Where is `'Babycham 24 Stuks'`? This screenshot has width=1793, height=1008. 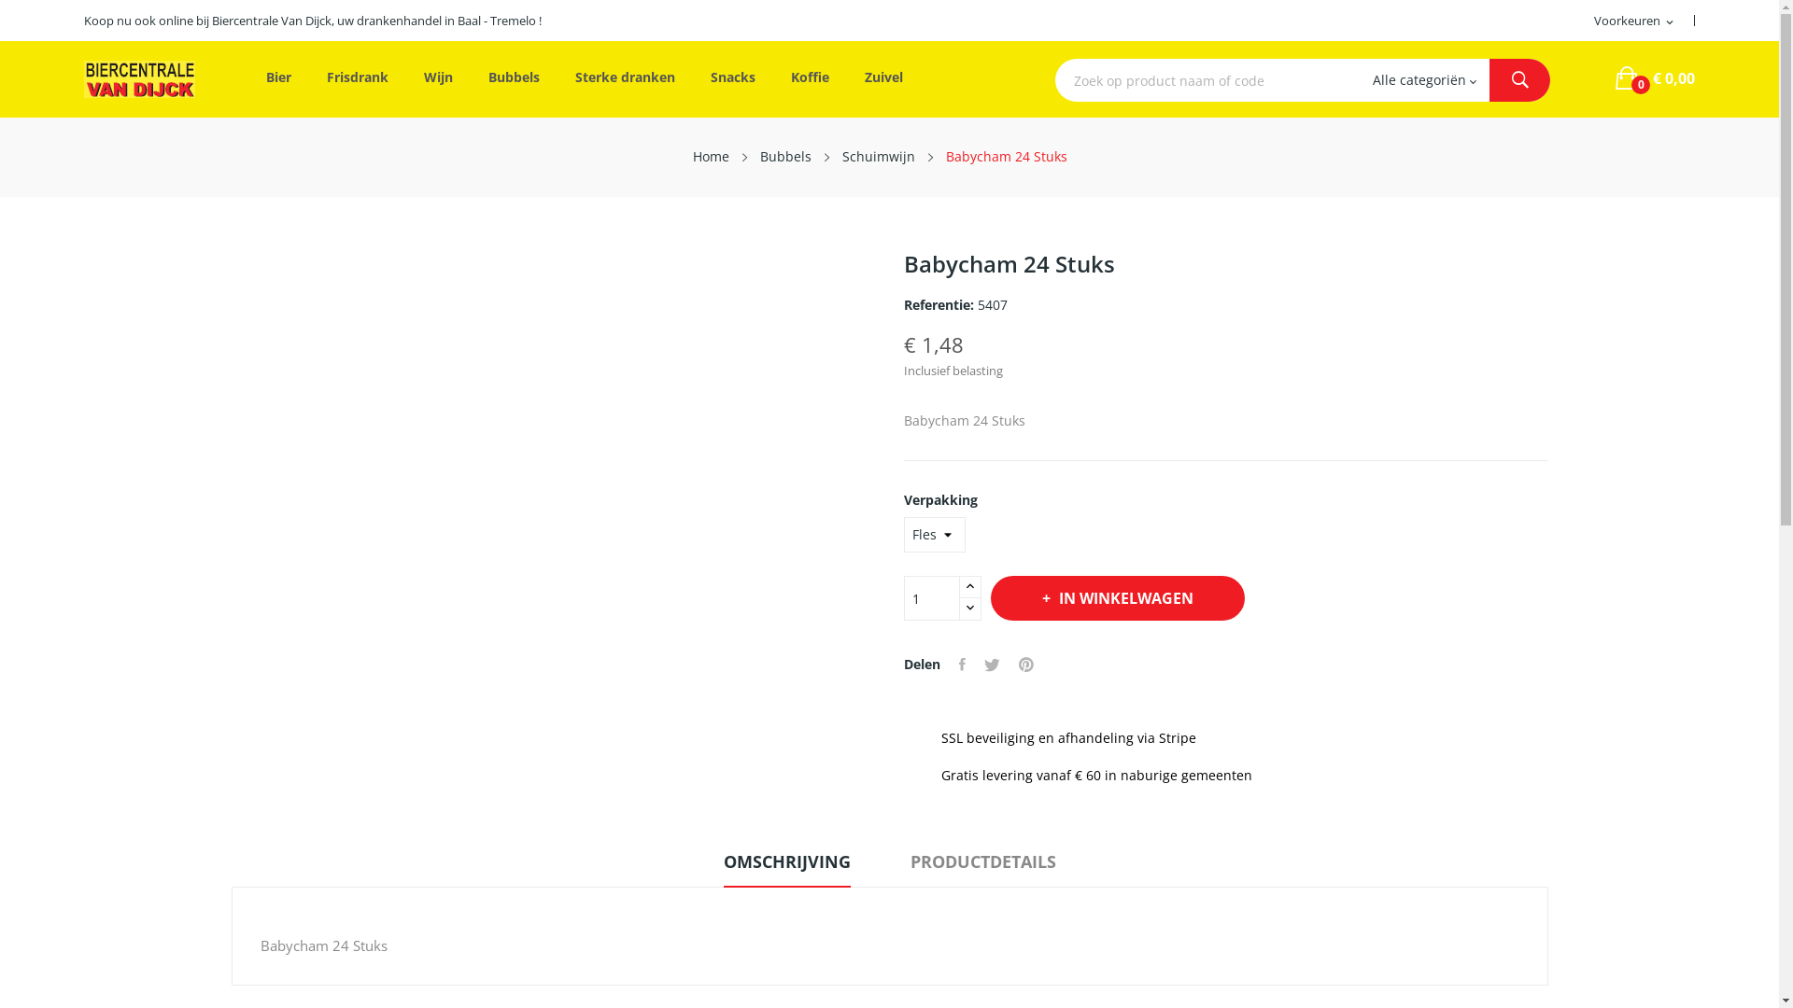 'Babycham 24 Stuks' is located at coordinates (1006, 156).